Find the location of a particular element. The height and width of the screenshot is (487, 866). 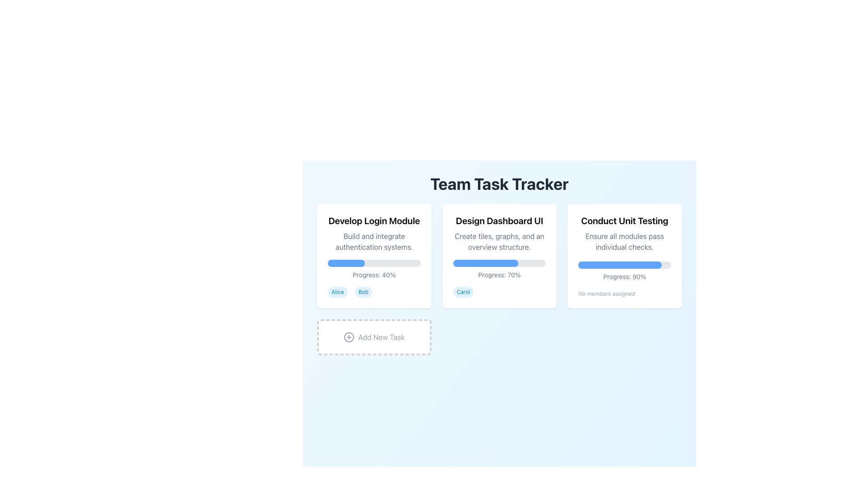

text displayed in the title and description of the task tracker, located in the third column above the progress bar indicating 'Progress: 90%' is located at coordinates (624, 236).